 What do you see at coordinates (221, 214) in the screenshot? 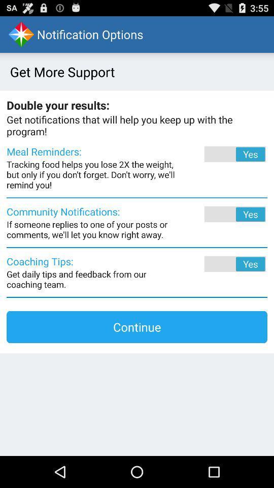
I see `the item next to community notifications: app` at bounding box center [221, 214].